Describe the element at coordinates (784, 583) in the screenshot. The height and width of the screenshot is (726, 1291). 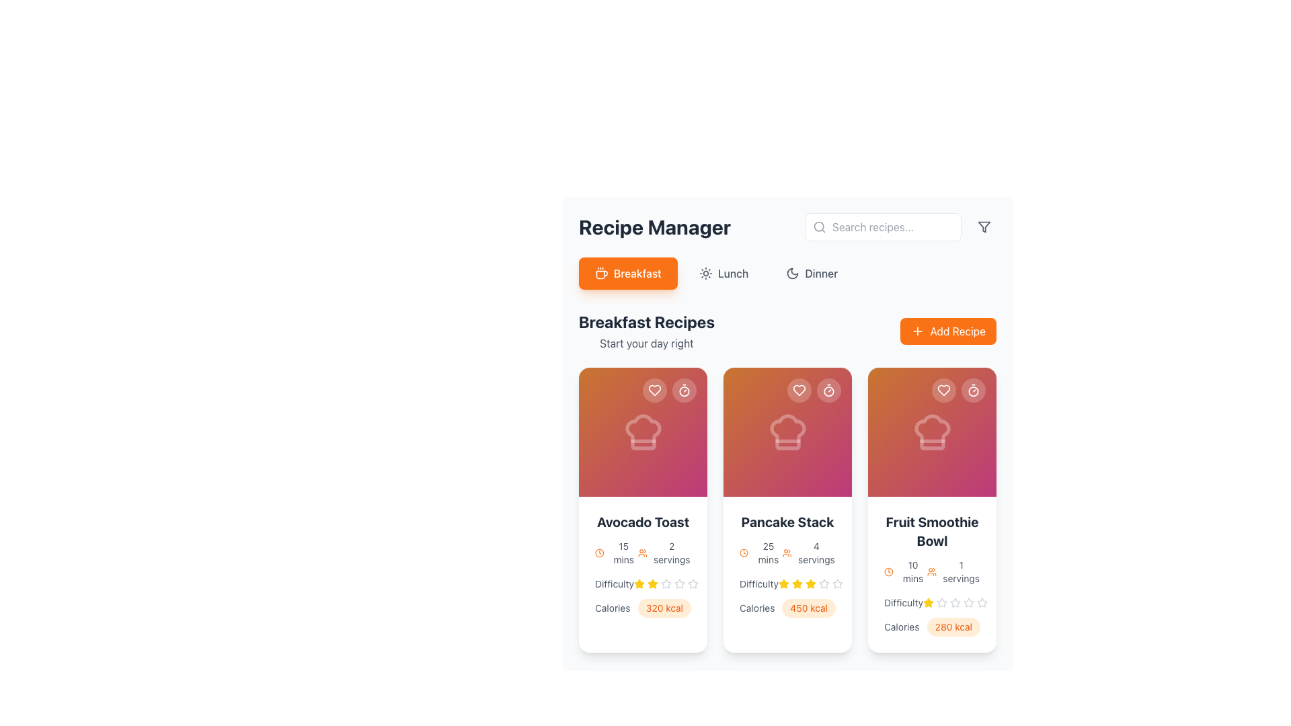
I see `the second Rating star icon for the 'Pancake Stack' recipe, which indicates difficulty level` at that location.